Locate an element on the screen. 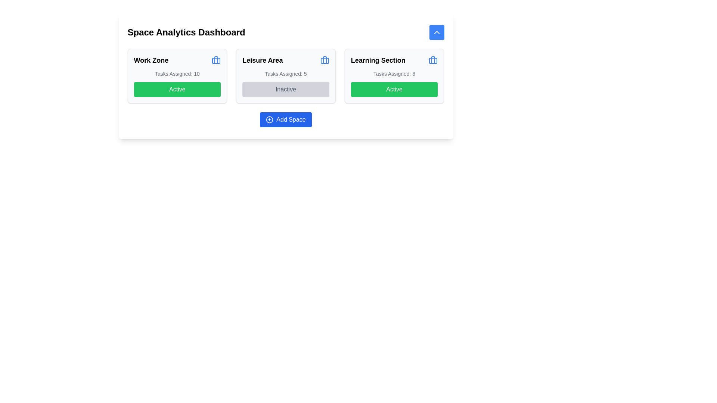 The width and height of the screenshot is (717, 403). the text display showing the number of tasks assigned ('10') in the 'Work Zone' area, located between the header 'Work Zone' and the green button 'Active' is located at coordinates (177, 74).